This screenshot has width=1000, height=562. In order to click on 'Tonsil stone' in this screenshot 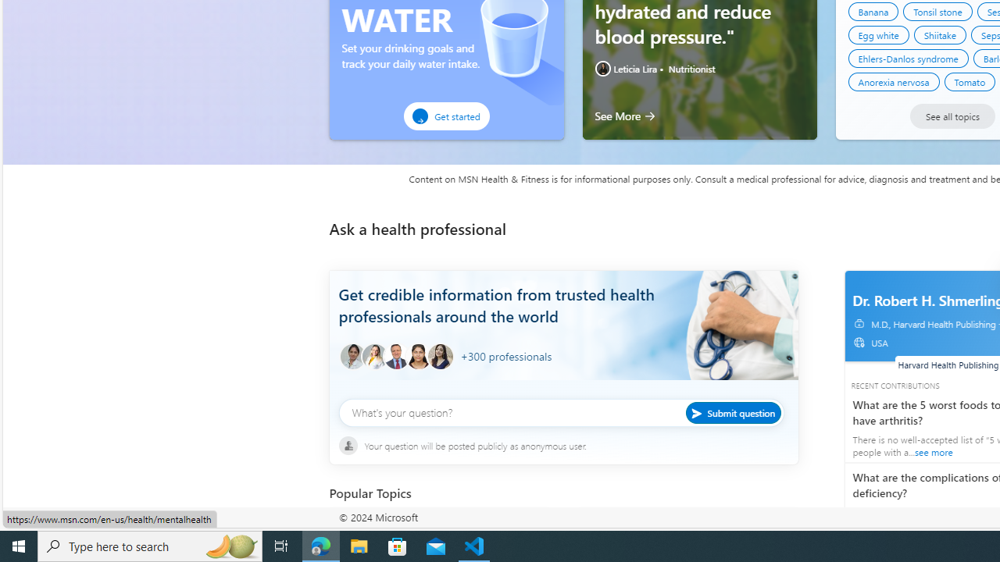, I will do `click(937, 12)`.